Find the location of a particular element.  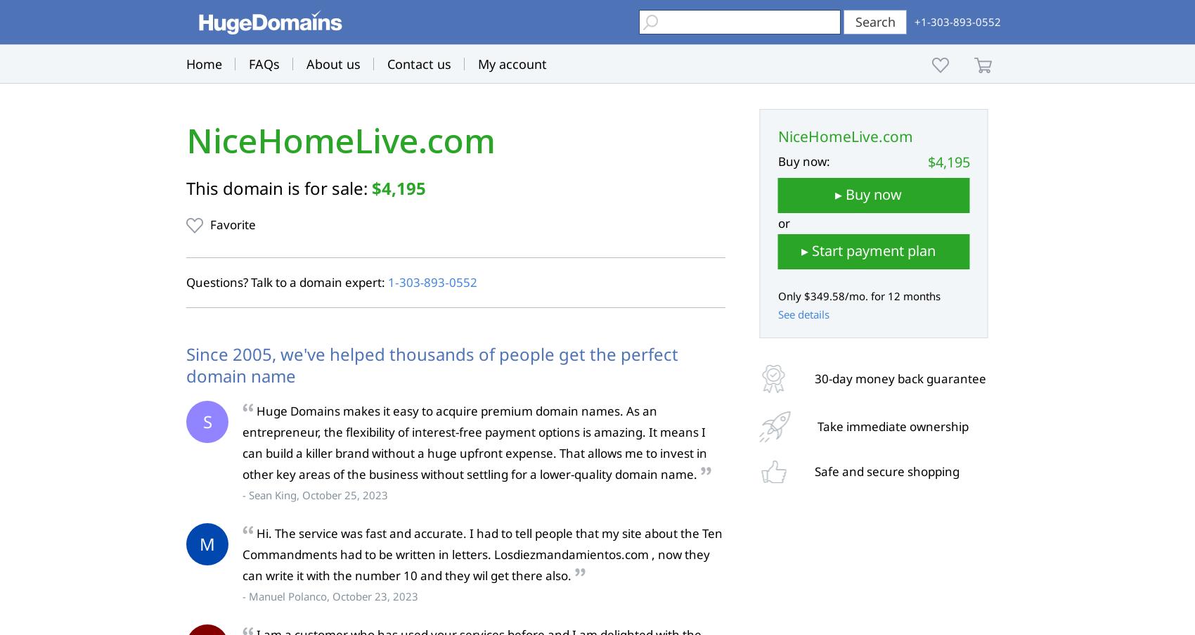

'$4,195' is located at coordinates (398, 187).